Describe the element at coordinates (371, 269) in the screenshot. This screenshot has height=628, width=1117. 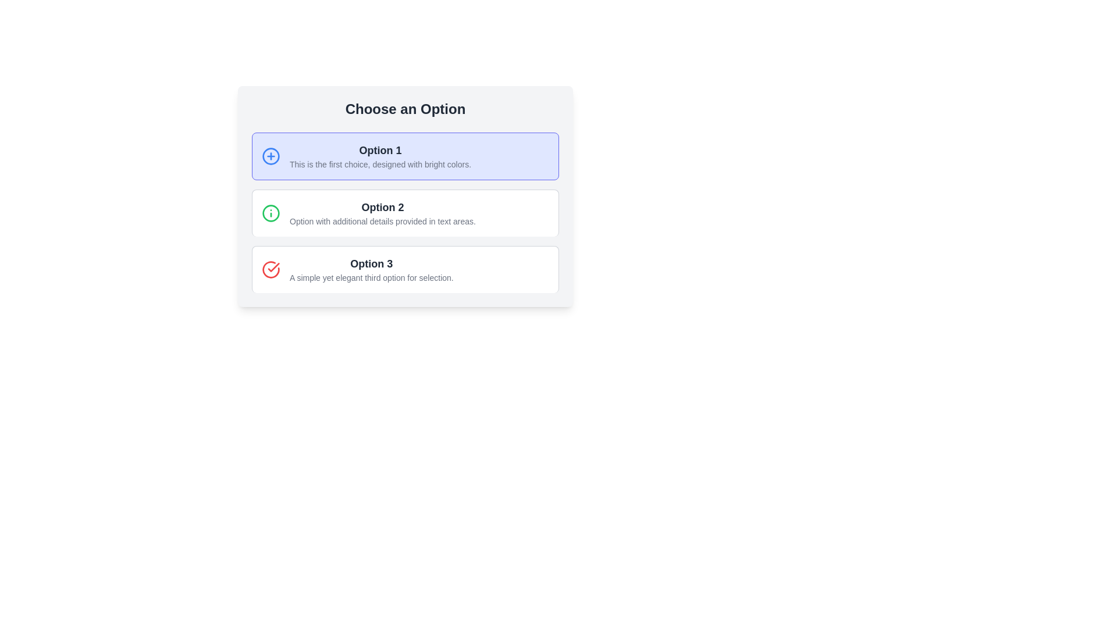
I see `the informational display element that shows 'Option 3' with the description 'A simple yet elegant third option for selection.'` at that location.